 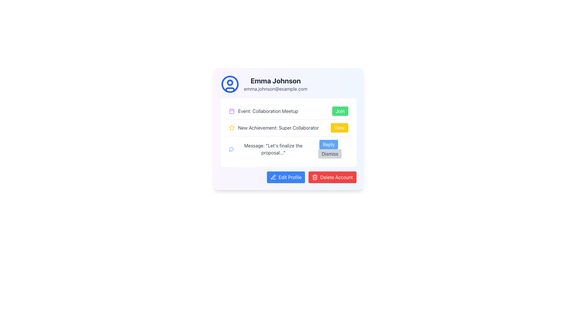 I want to click on the user profile icon located in the upper-left area of the card component, which serves as an identifying icon for the user profile information, so click(x=229, y=84).